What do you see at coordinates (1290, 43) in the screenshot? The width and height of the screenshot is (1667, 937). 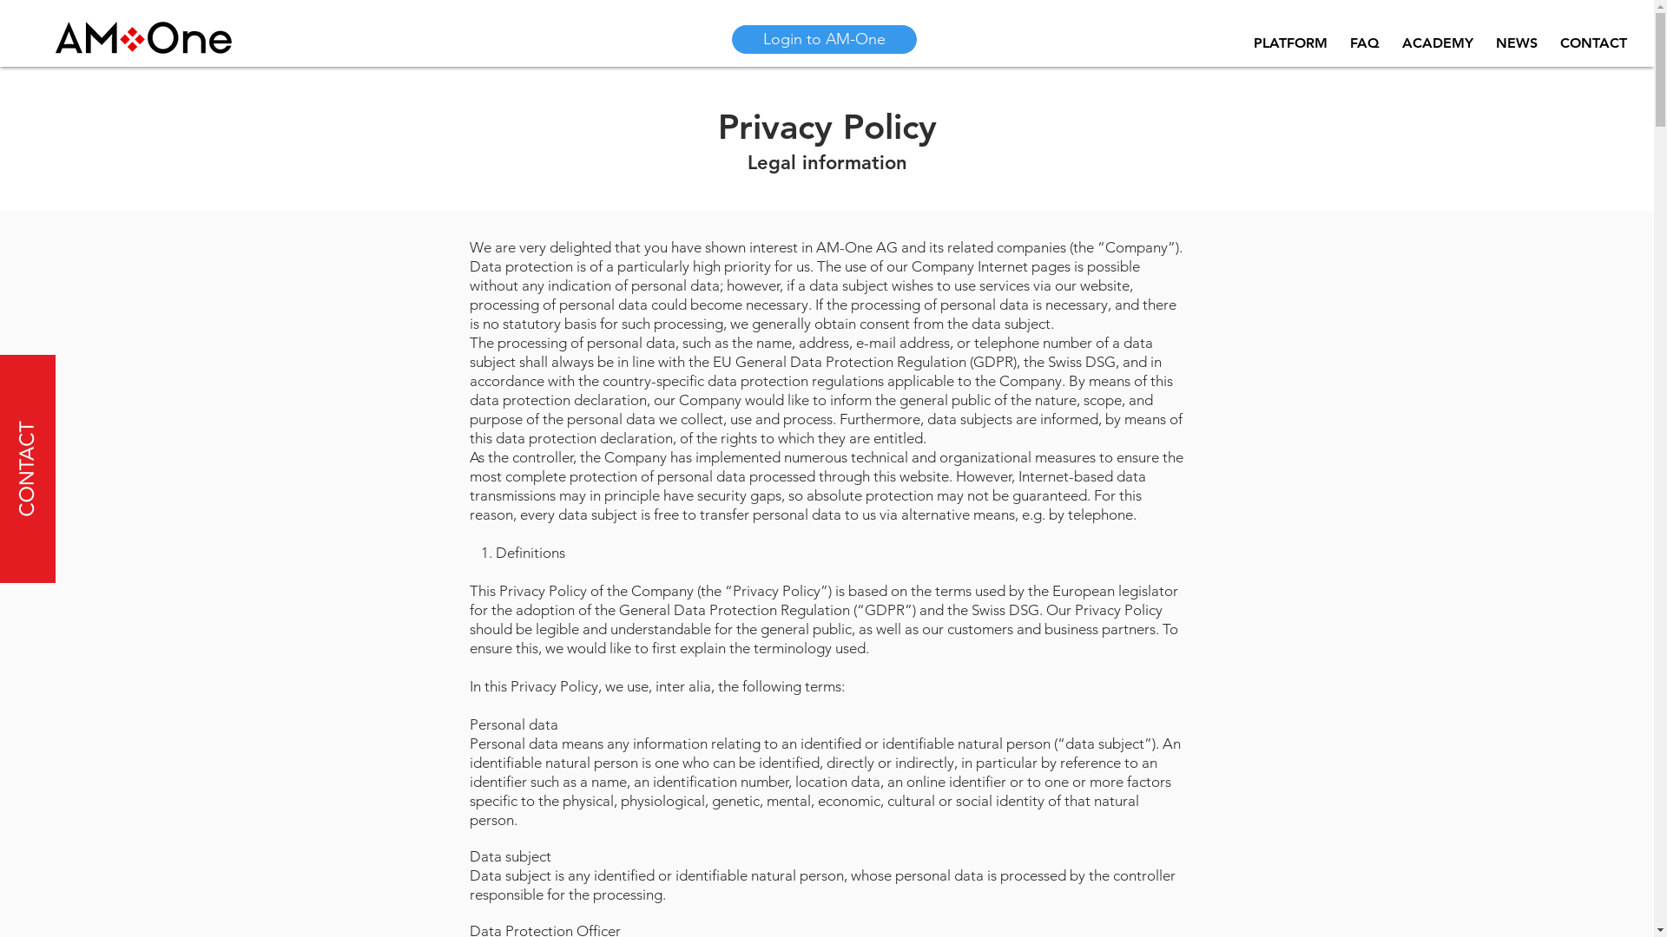 I see `'PLATFORM'` at bounding box center [1290, 43].